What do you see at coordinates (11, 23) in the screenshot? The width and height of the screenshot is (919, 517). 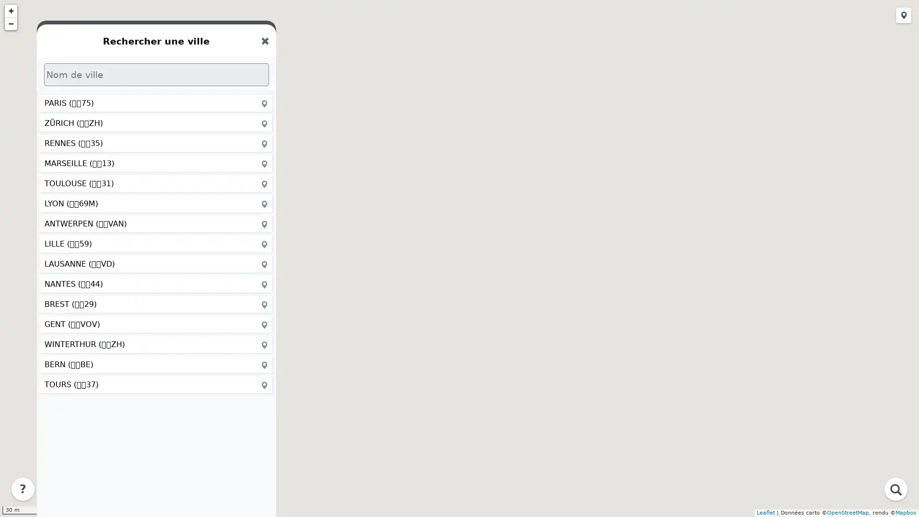 I see `Zoom out` at bounding box center [11, 23].